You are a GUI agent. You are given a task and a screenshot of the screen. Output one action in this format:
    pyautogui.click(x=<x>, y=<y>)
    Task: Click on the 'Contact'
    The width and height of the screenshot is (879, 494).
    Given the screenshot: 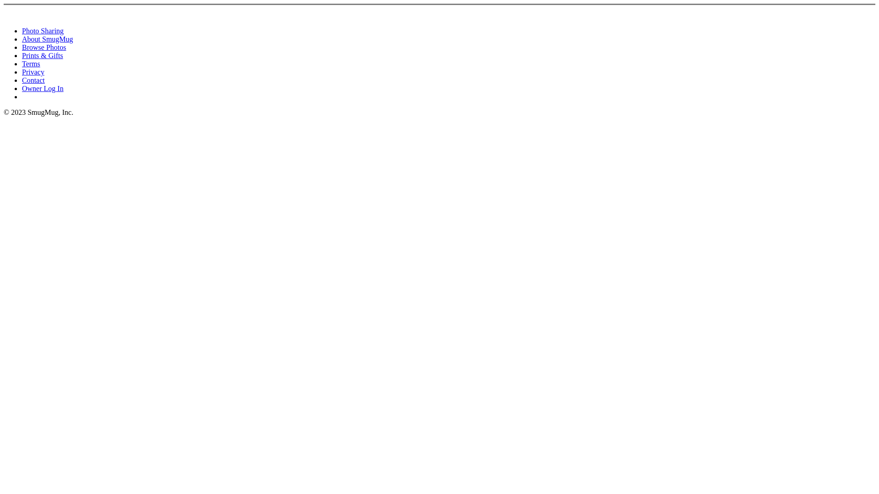 What is the action you would take?
    pyautogui.click(x=33, y=80)
    